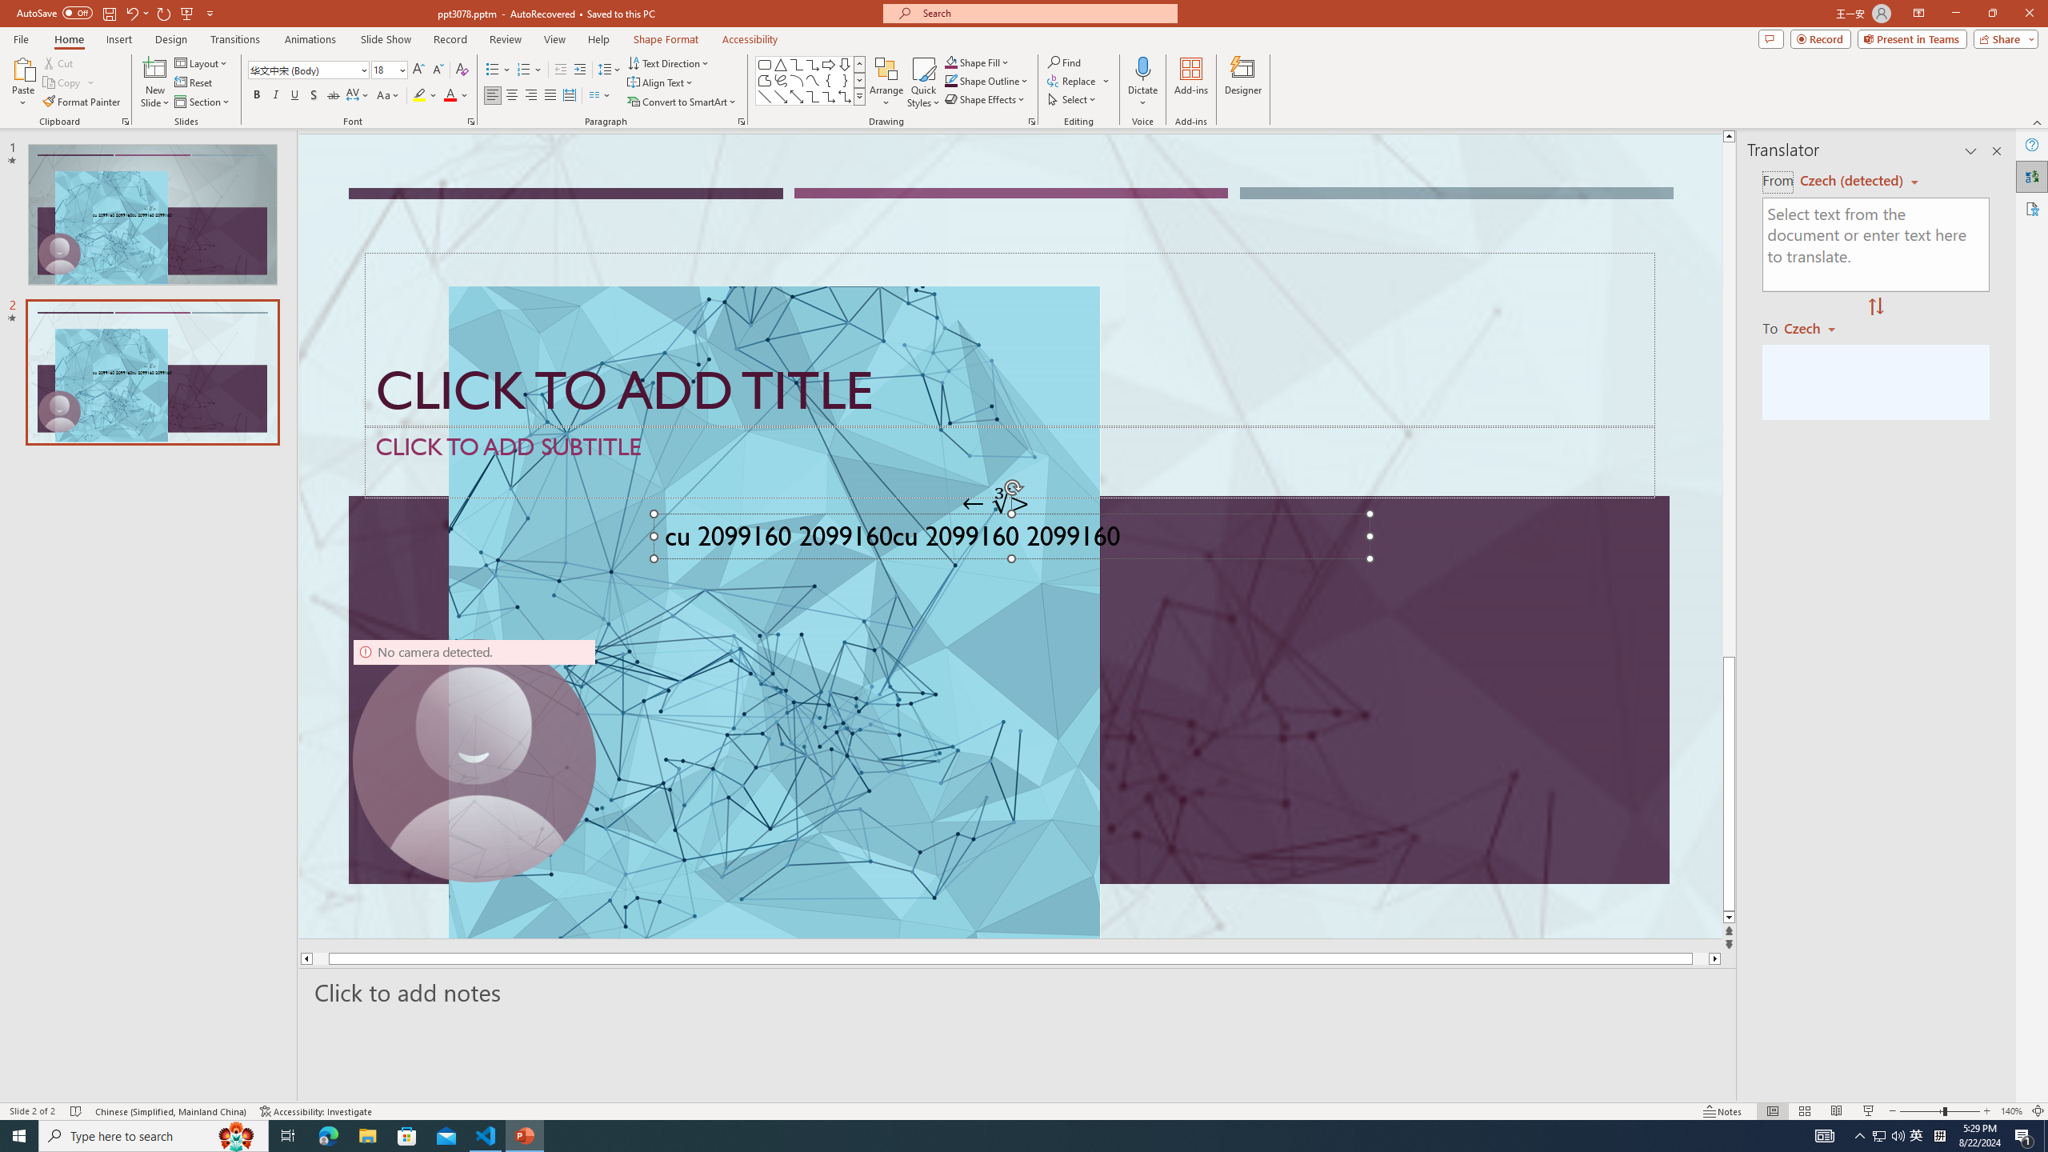 The width and height of the screenshot is (2048, 1152). I want to click on 'TextBox 61', so click(1009, 539).